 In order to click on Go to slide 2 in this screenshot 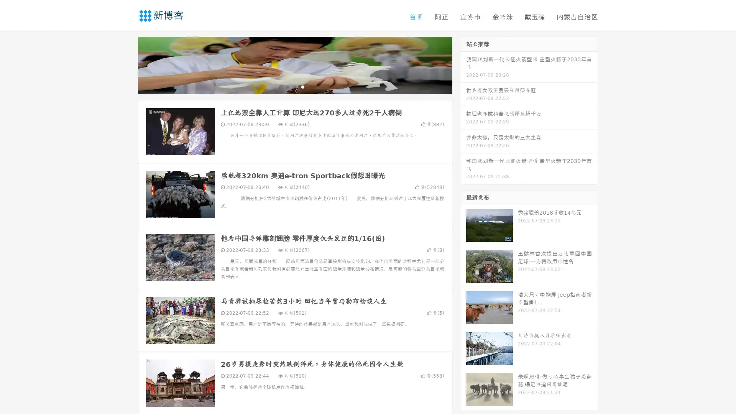, I will do `click(294, 86)`.